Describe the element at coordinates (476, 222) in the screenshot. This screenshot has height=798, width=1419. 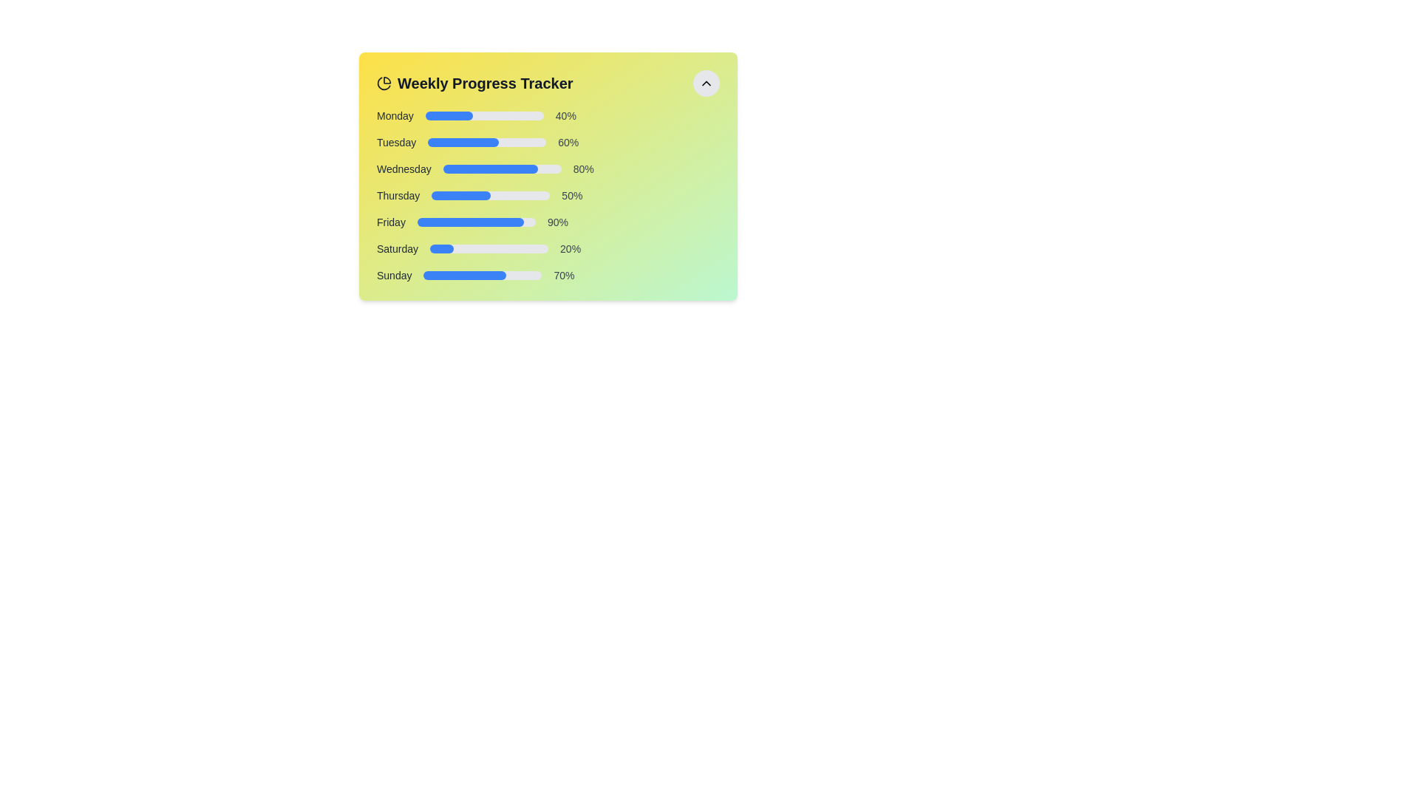
I see `the horizontal progress bar for 'Friday' in the 'Weekly Progress Tracker' table, which is visually represented with a light gray background and a blue-filled segment covering 90% of its length` at that location.